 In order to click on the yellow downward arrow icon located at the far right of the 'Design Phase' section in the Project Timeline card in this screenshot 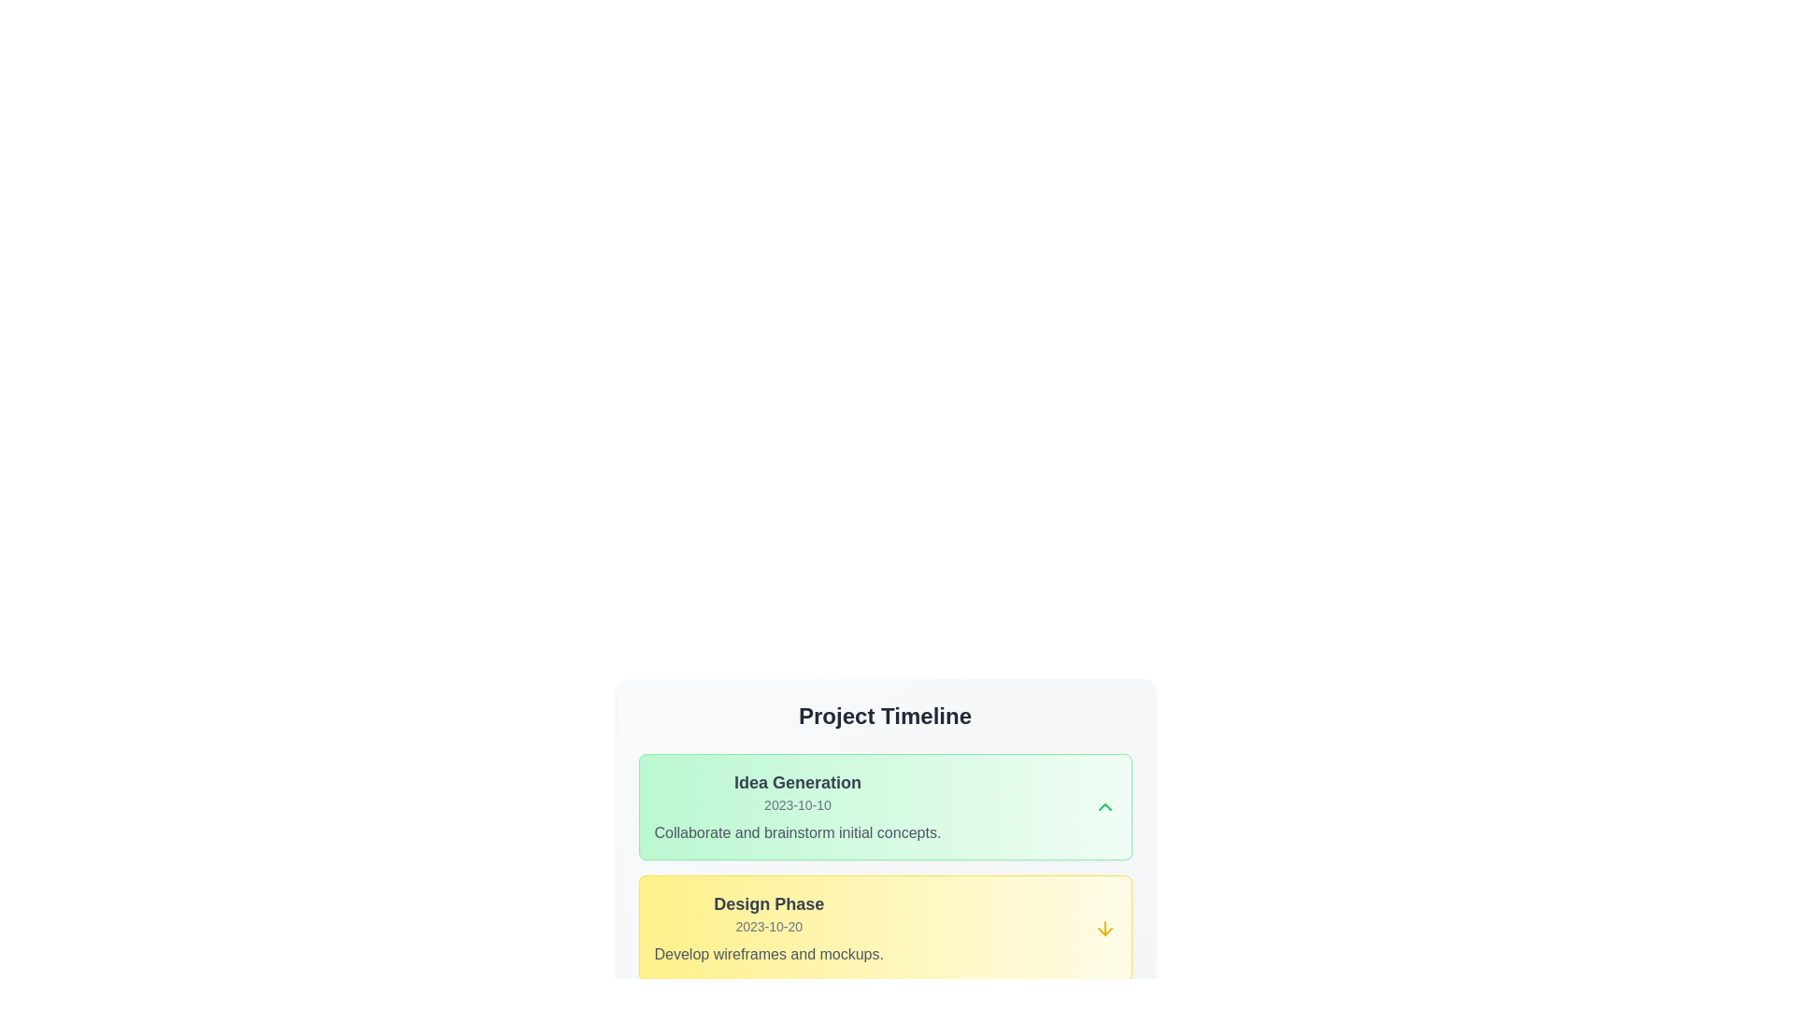, I will do `click(1104, 929)`.